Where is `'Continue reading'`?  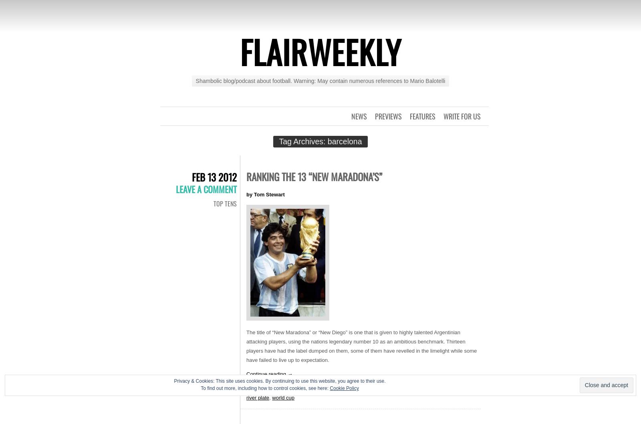 'Continue reading' is located at coordinates (267, 374).